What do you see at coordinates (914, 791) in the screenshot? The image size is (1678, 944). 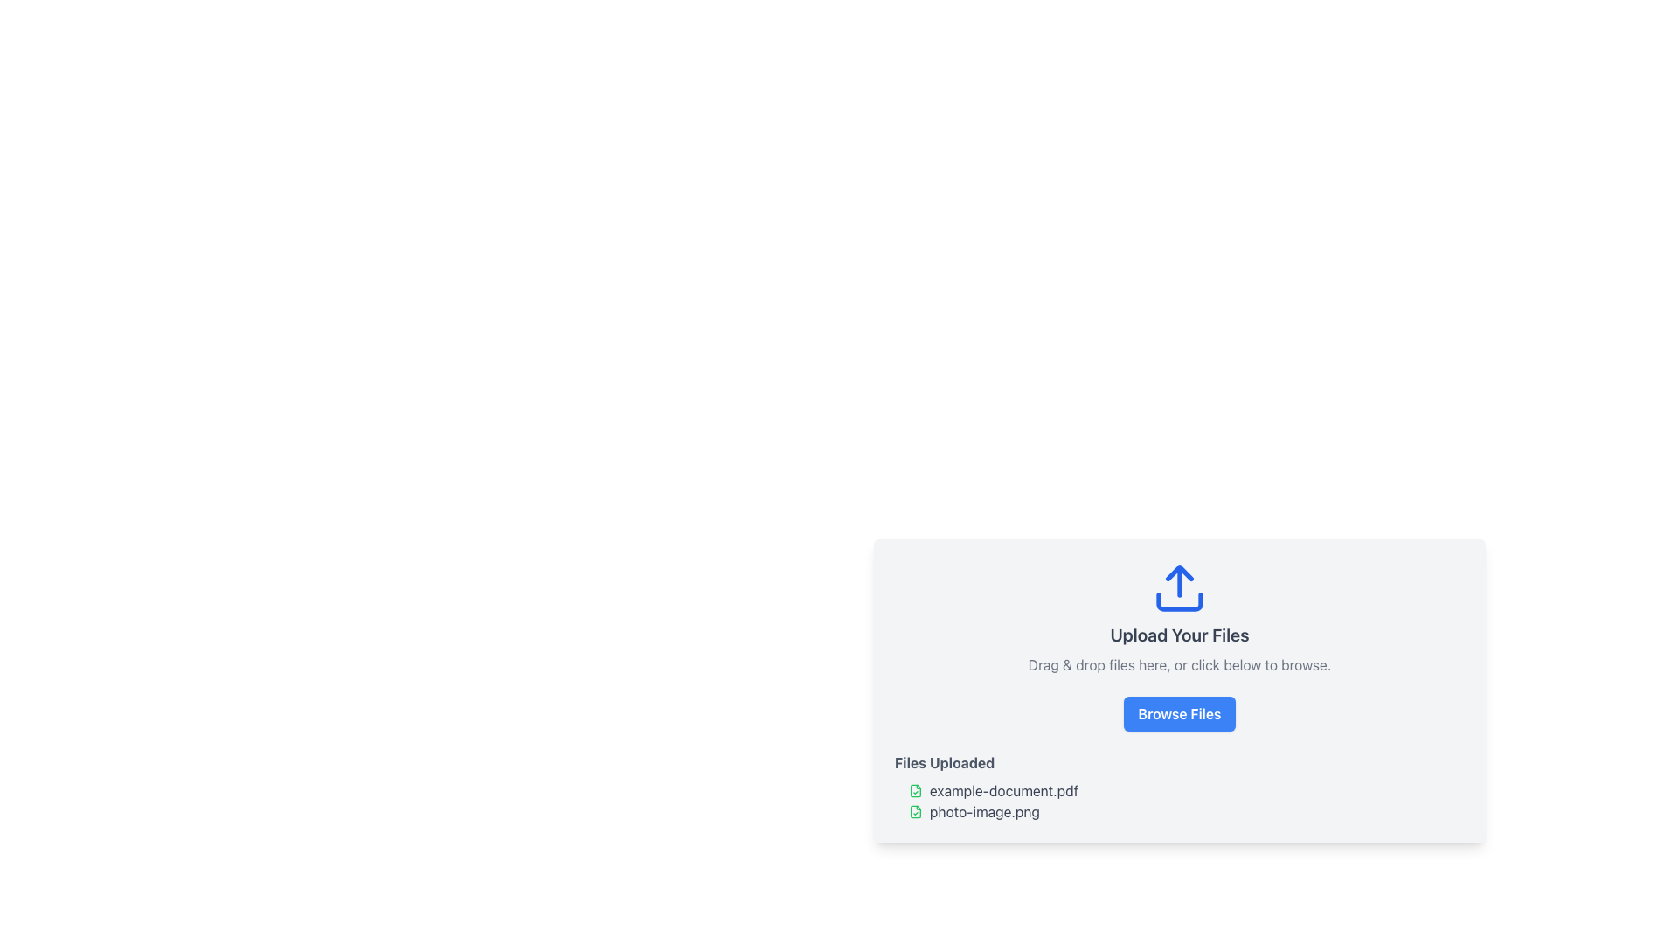 I see `the visual representation of the file state icon located to the left of 'example-document.pdf', which indicates a successfully uploaded or verified file` at bounding box center [914, 791].